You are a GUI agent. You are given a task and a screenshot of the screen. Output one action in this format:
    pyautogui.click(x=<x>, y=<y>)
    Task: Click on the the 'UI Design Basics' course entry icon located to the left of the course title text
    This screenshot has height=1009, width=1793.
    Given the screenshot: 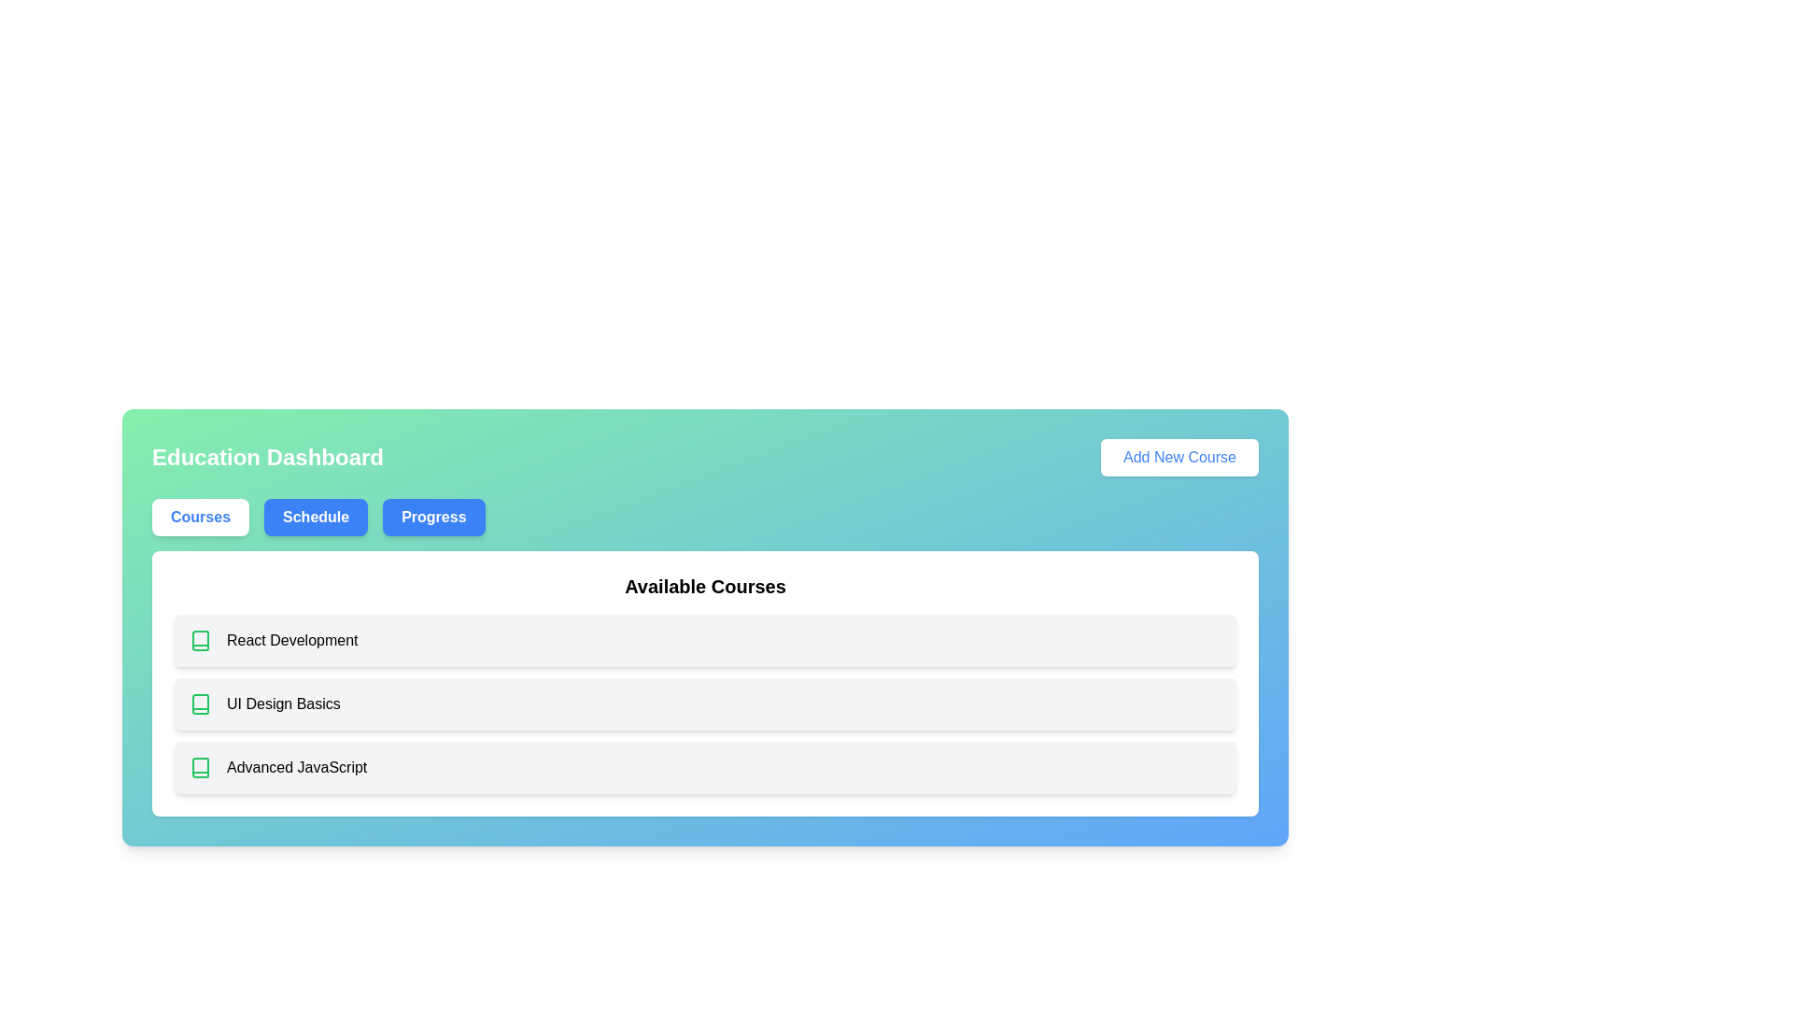 What is the action you would take?
    pyautogui.click(x=201, y=703)
    